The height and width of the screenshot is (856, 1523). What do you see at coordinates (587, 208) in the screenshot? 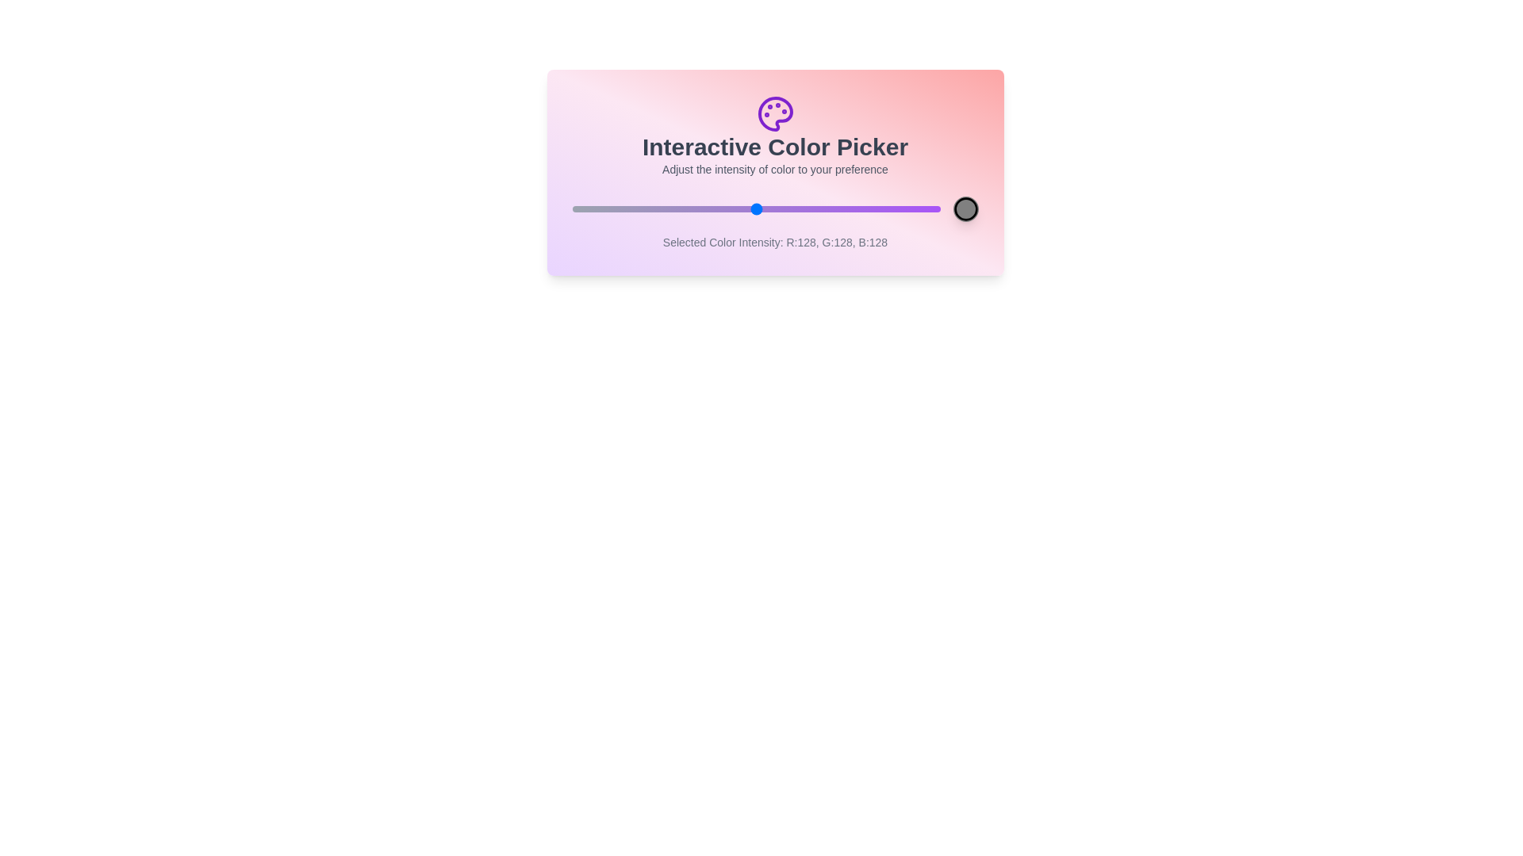
I see `the slider to set the color intensity to 11` at bounding box center [587, 208].